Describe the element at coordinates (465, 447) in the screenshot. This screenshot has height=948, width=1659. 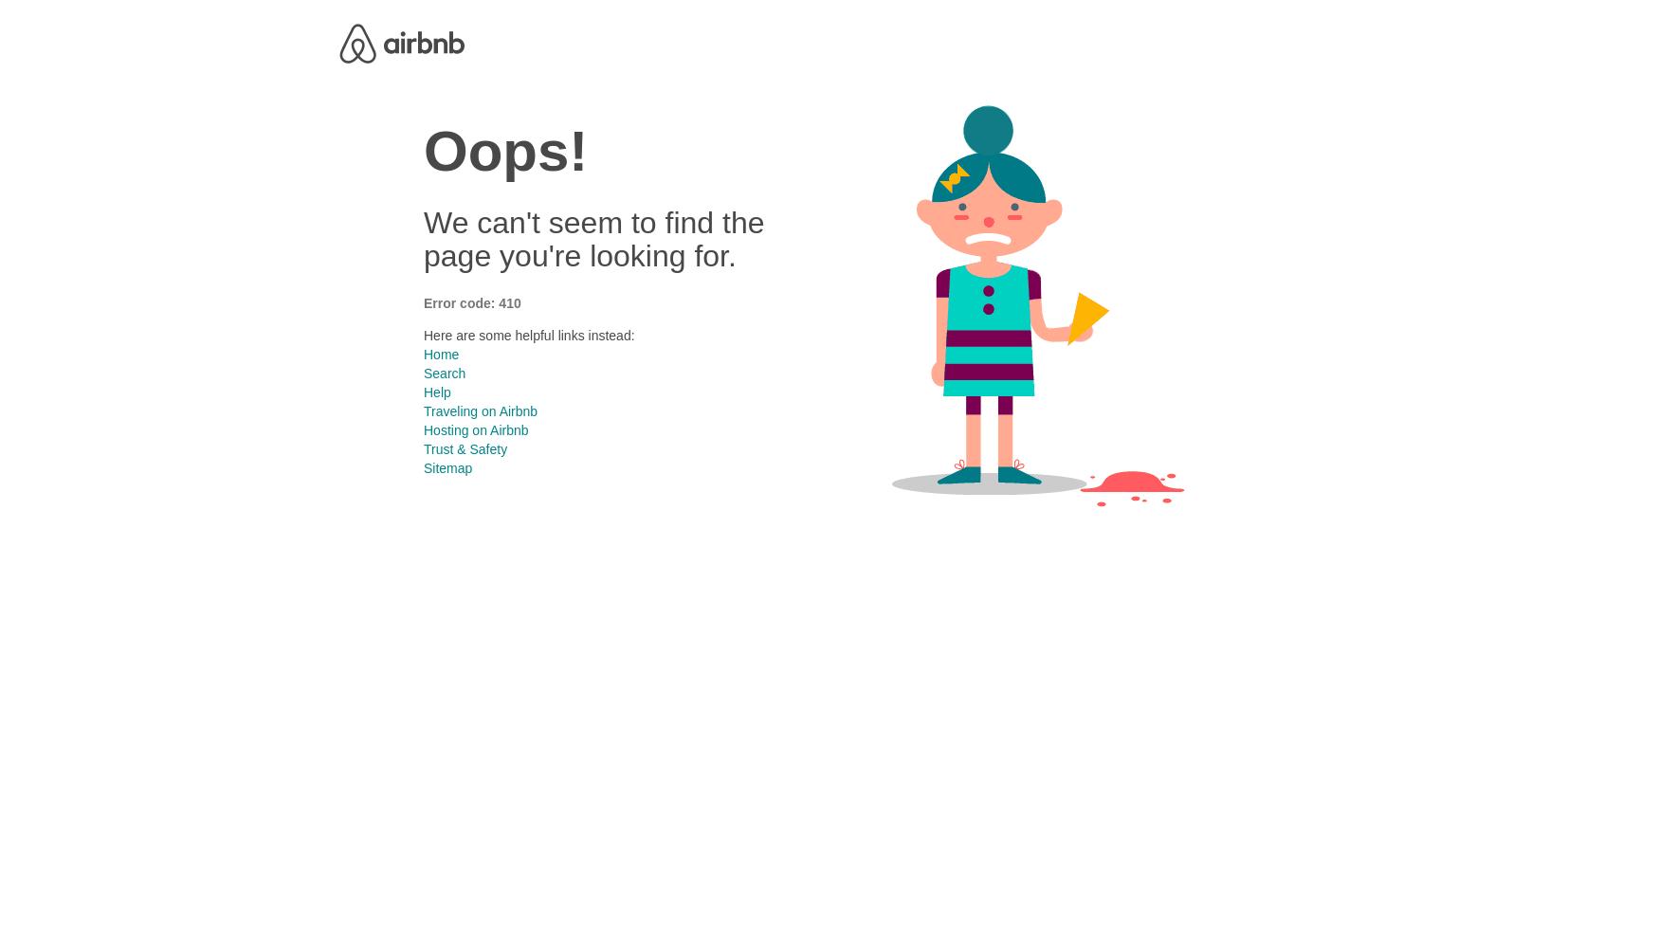
I see `'Trust & Safety'` at that location.